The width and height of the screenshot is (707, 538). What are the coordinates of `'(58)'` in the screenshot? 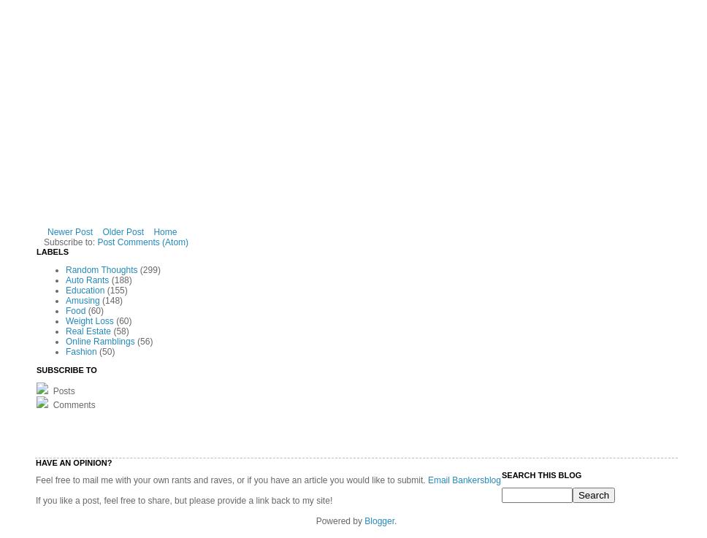 It's located at (121, 331).